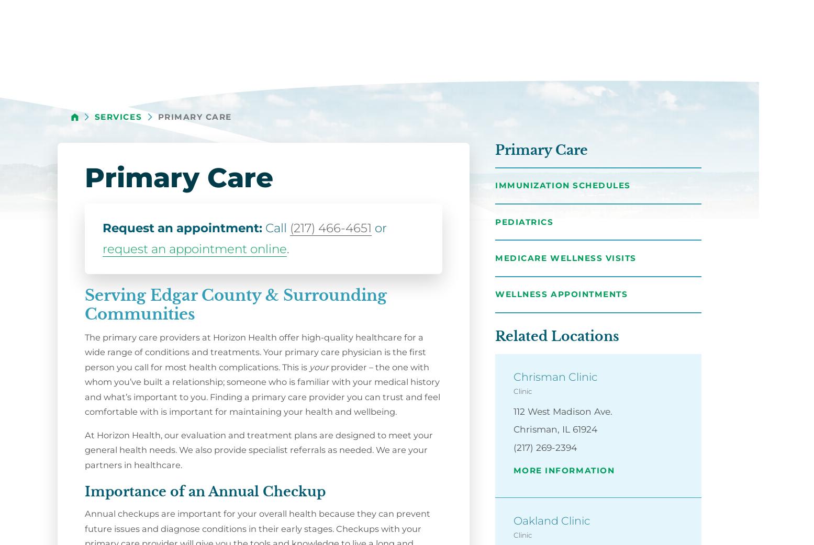  What do you see at coordinates (700, 288) in the screenshot?
I see `'Community Health Needs Assessment'` at bounding box center [700, 288].